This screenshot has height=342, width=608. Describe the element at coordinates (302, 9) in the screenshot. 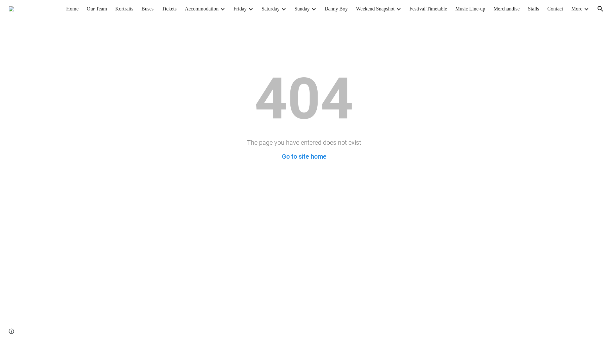

I see `'Sunday'` at that location.